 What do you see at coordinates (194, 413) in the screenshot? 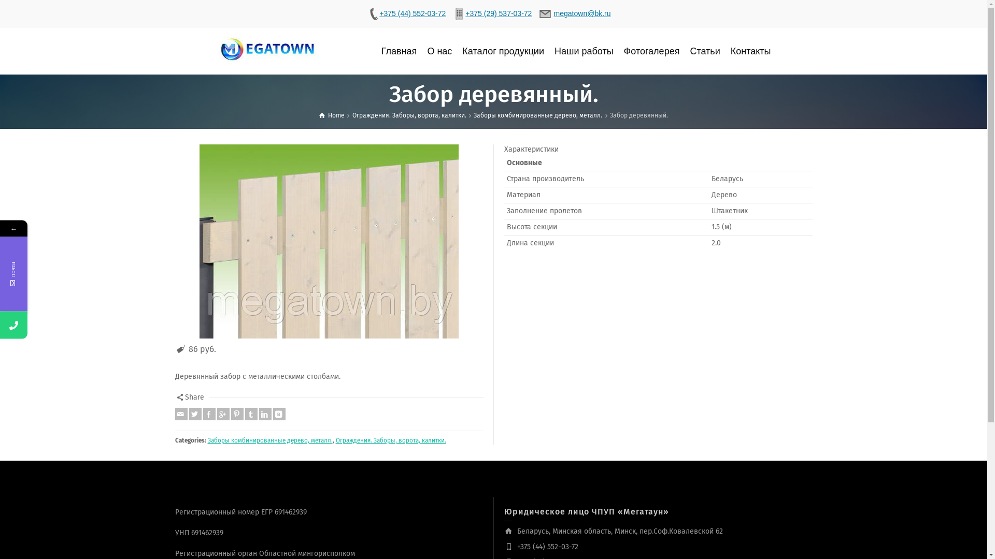
I see `'Twitter'` at bounding box center [194, 413].